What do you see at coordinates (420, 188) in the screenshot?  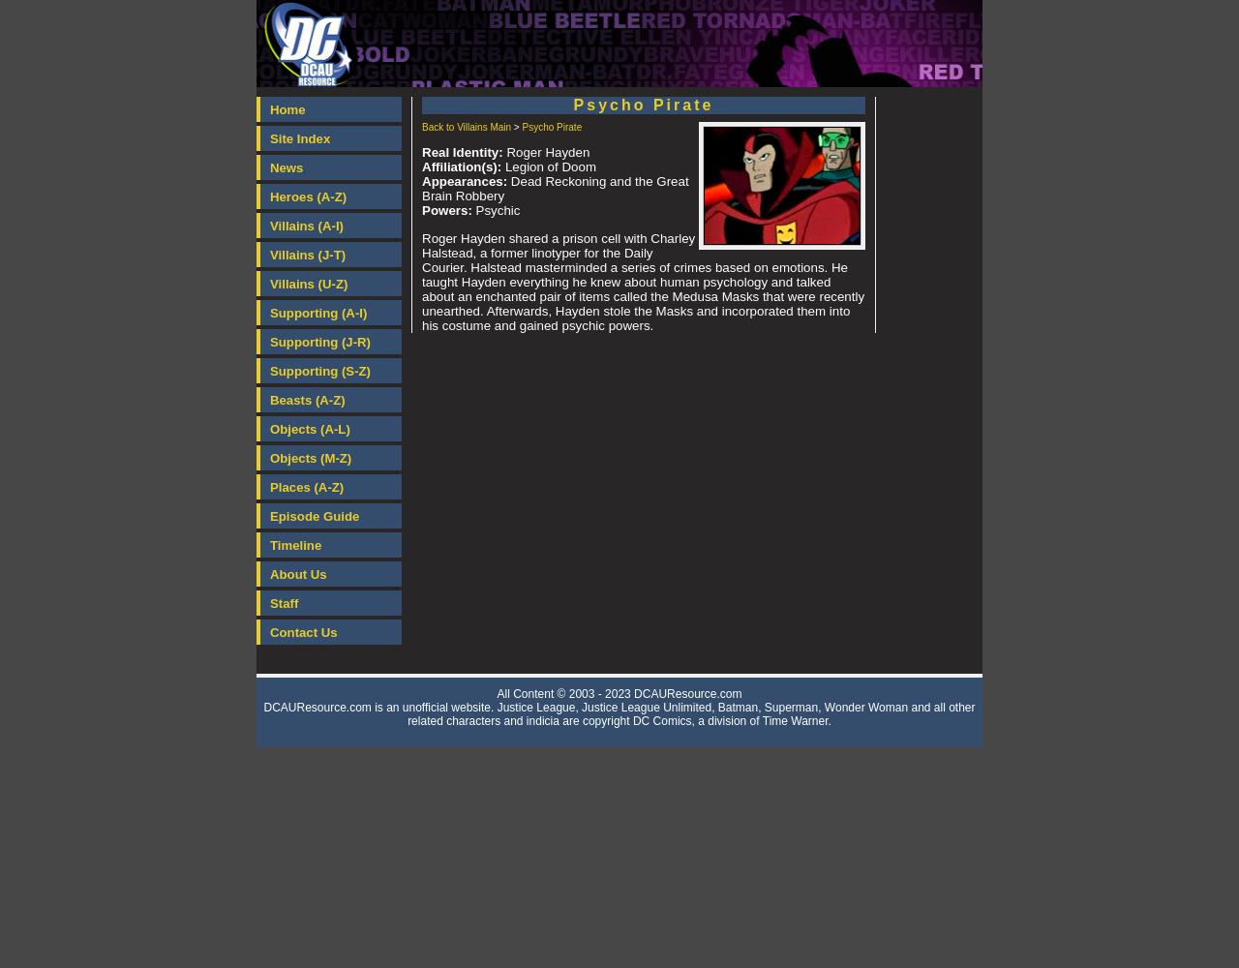 I see `'Dead Reckoning and the Great Brain Robbery'` at bounding box center [420, 188].